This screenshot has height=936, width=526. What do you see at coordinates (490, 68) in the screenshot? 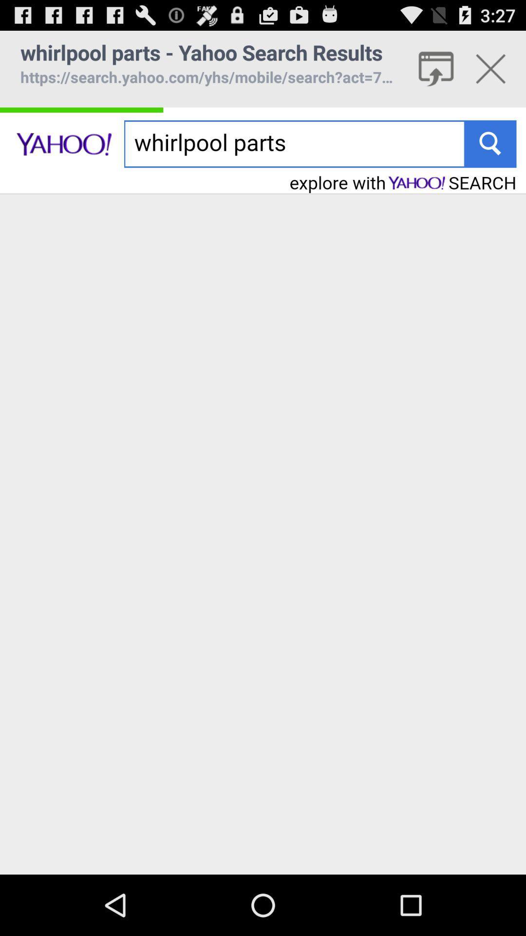
I see `add` at bounding box center [490, 68].